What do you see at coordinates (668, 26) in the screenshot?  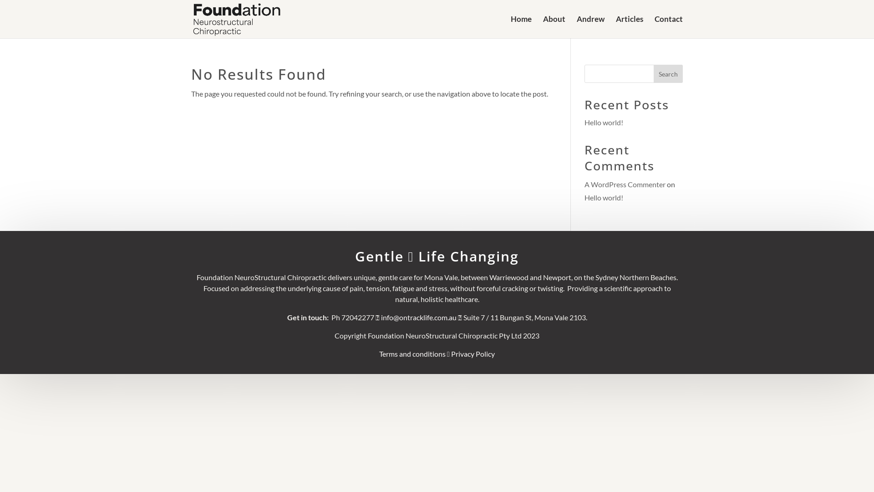 I see `'Contact'` at bounding box center [668, 26].